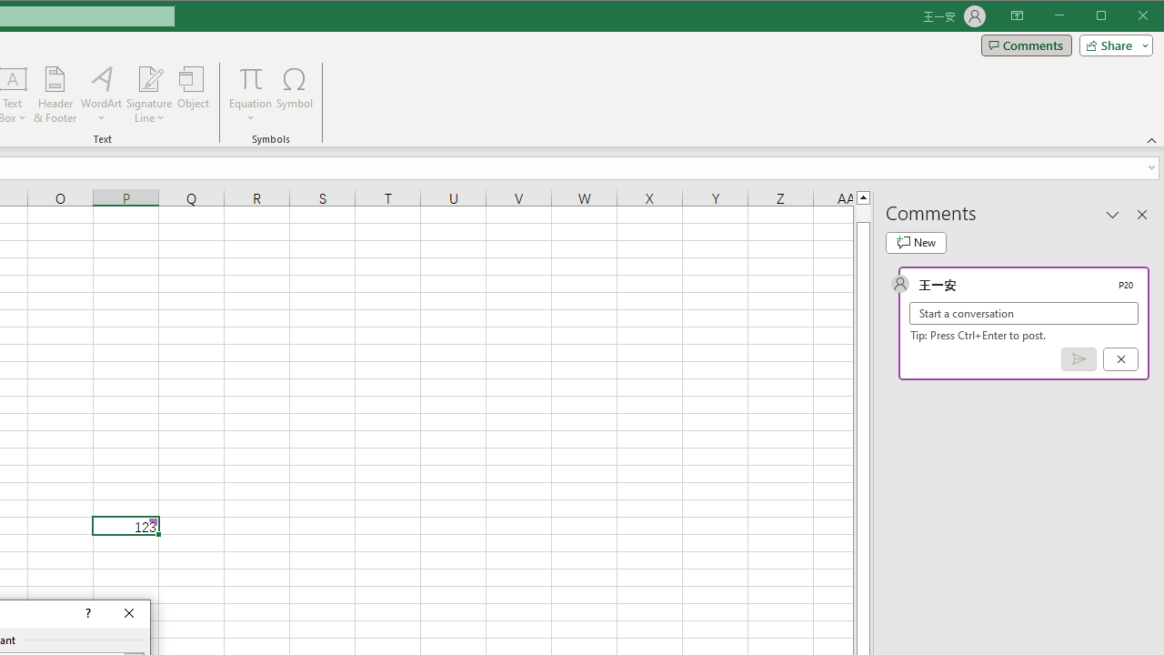  I want to click on 'Collapse the Ribbon', so click(1151, 139).